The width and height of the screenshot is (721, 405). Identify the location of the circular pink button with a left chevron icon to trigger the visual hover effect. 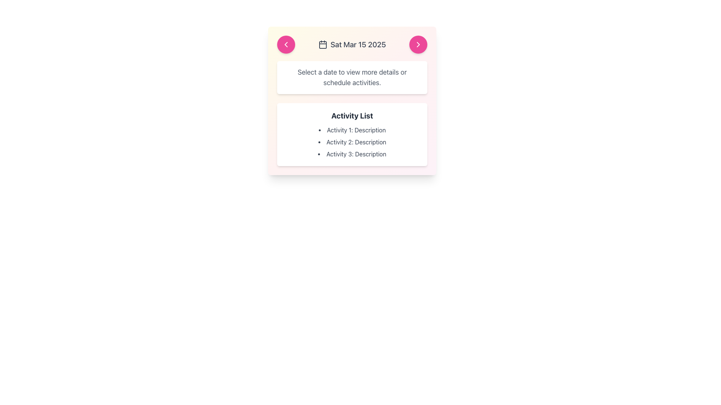
(286, 45).